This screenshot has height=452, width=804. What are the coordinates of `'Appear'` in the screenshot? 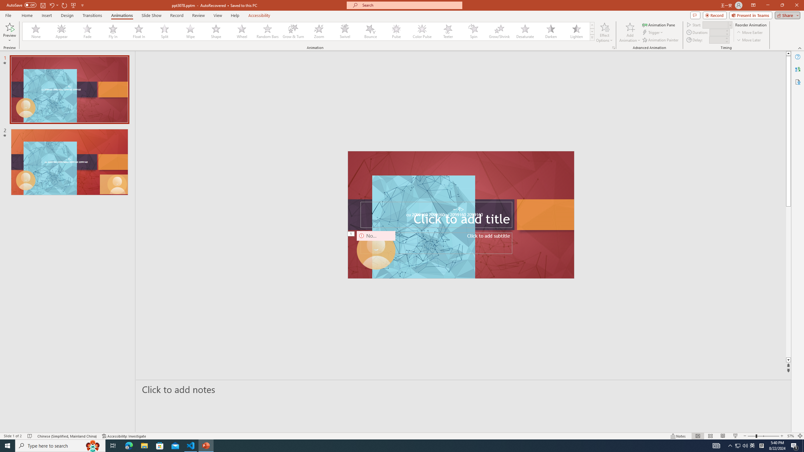 It's located at (62, 31).